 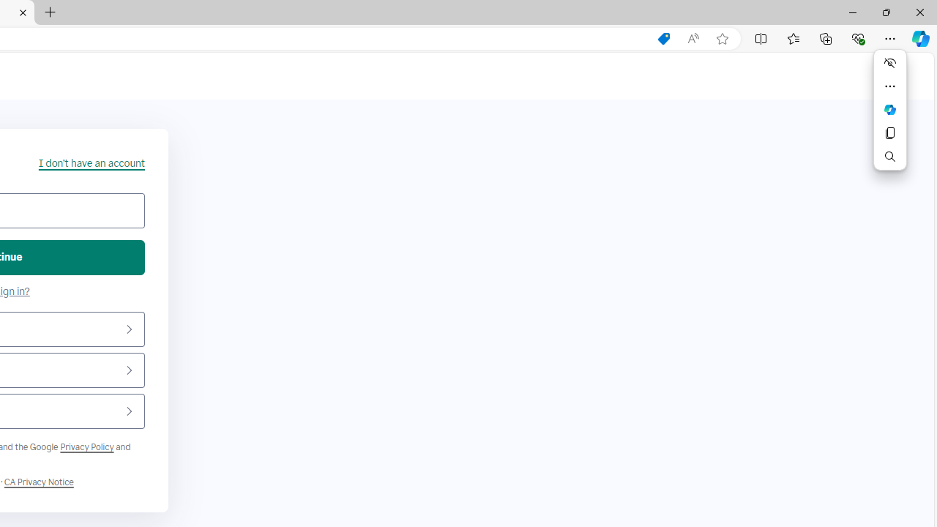 What do you see at coordinates (889, 86) in the screenshot?
I see `'More actions'` at bounding box center [889, 86].